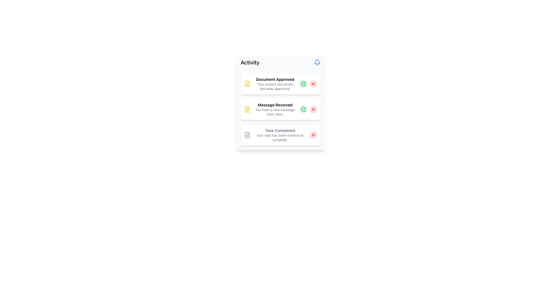 The width and height of the screenshot is (533, 300). I want to click on the dismissal button located at the bottom-right corner of the notification card displaying 'Task Completed', so click(313, 135).